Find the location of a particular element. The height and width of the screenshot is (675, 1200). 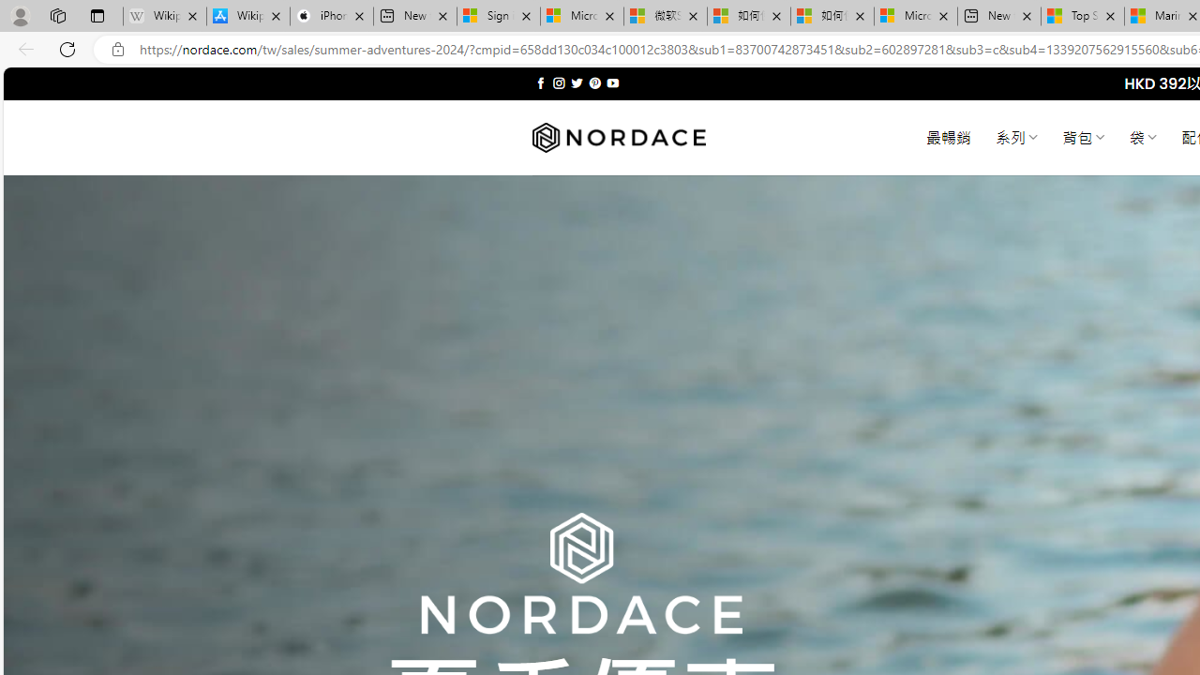

'Follow on Twitter' is located at coordinates (576, 82).